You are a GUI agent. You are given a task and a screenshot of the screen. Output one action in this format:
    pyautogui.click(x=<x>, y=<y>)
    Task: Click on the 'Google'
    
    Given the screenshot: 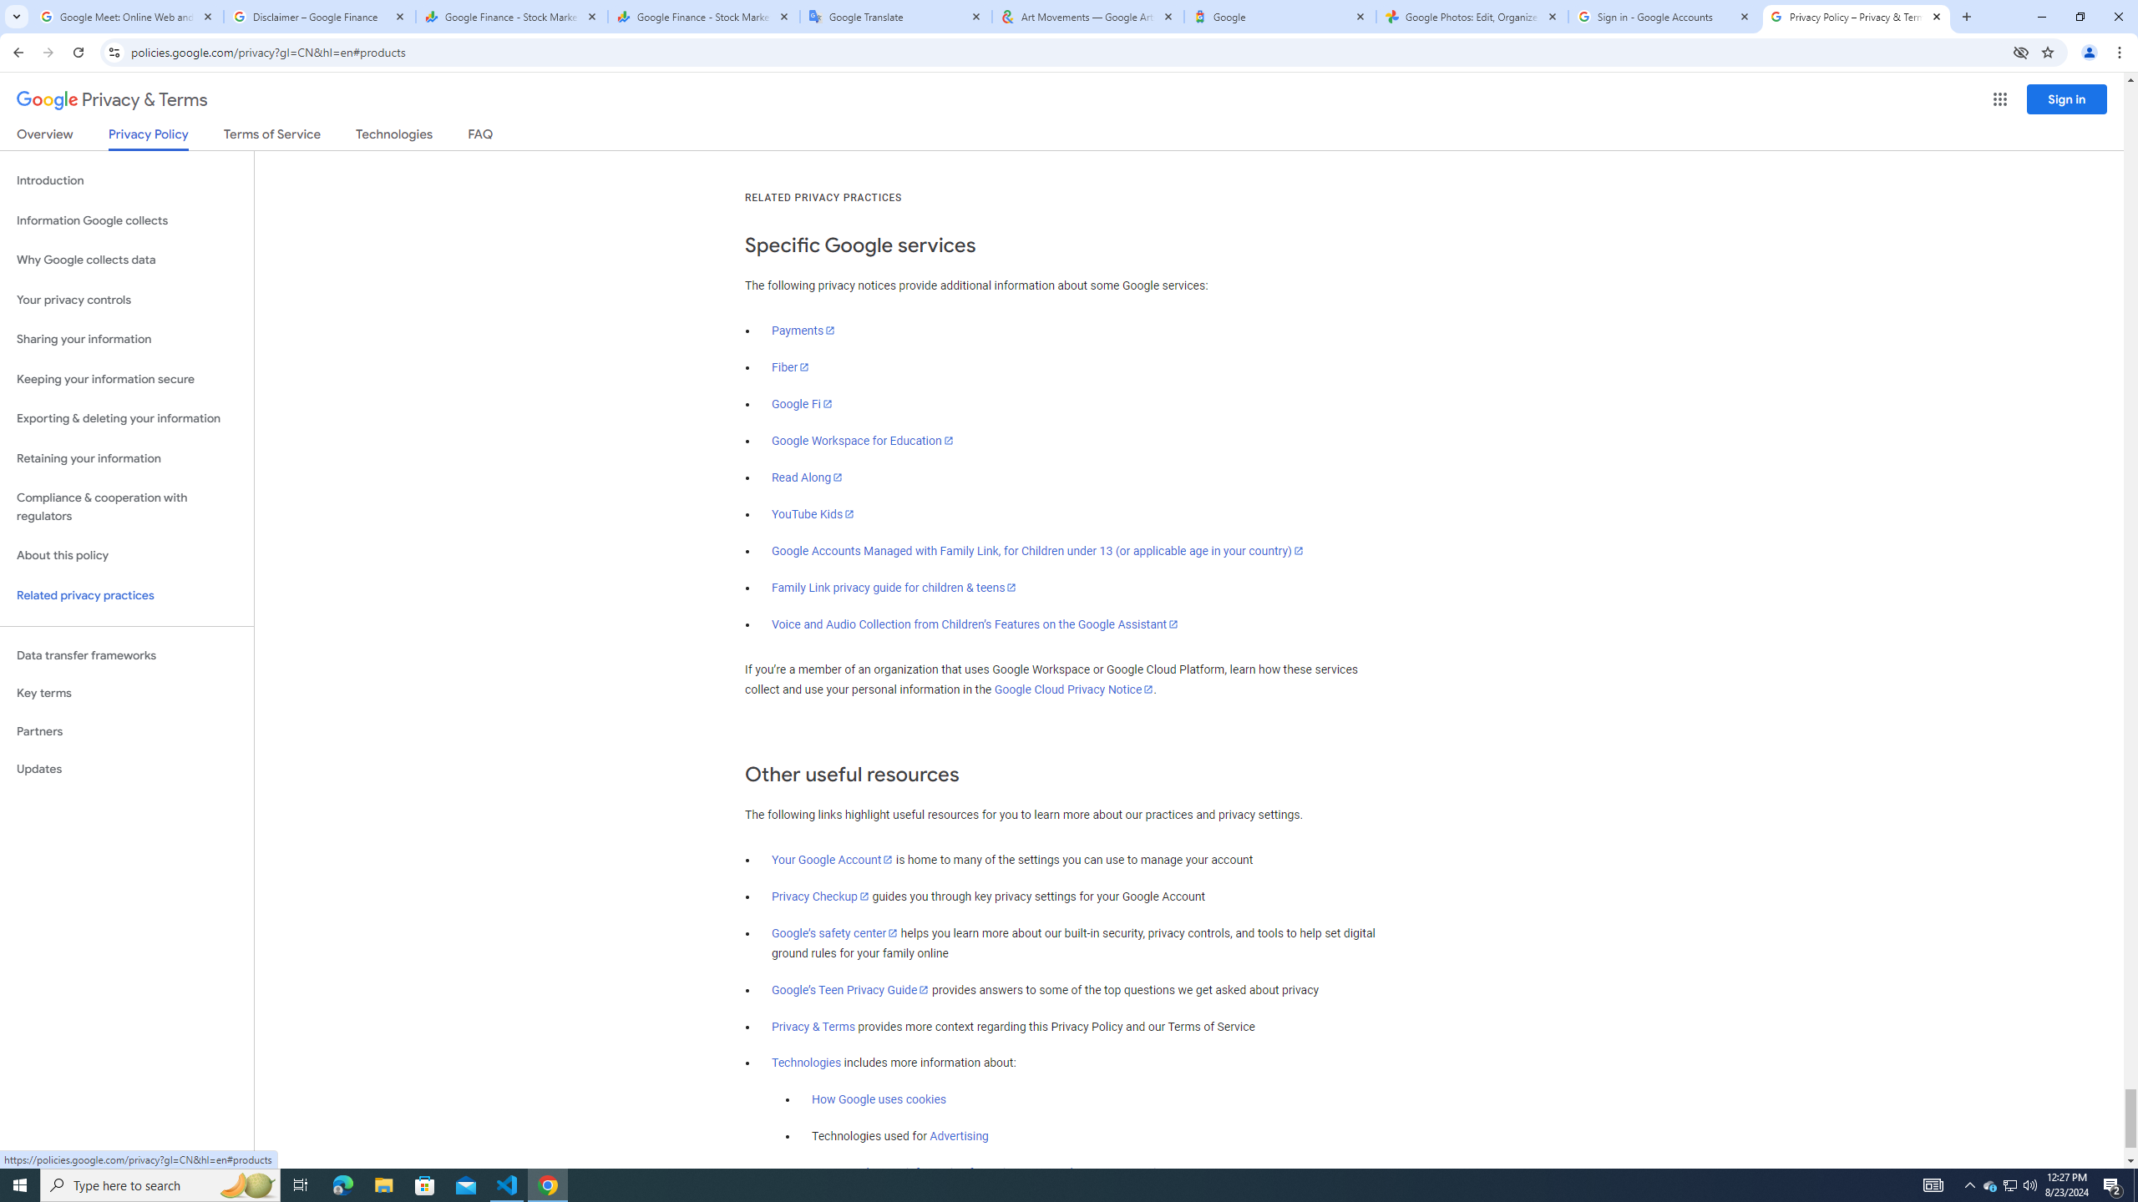 What is the action you would take?
    pyautogui.click(x=1279, y=16)
    